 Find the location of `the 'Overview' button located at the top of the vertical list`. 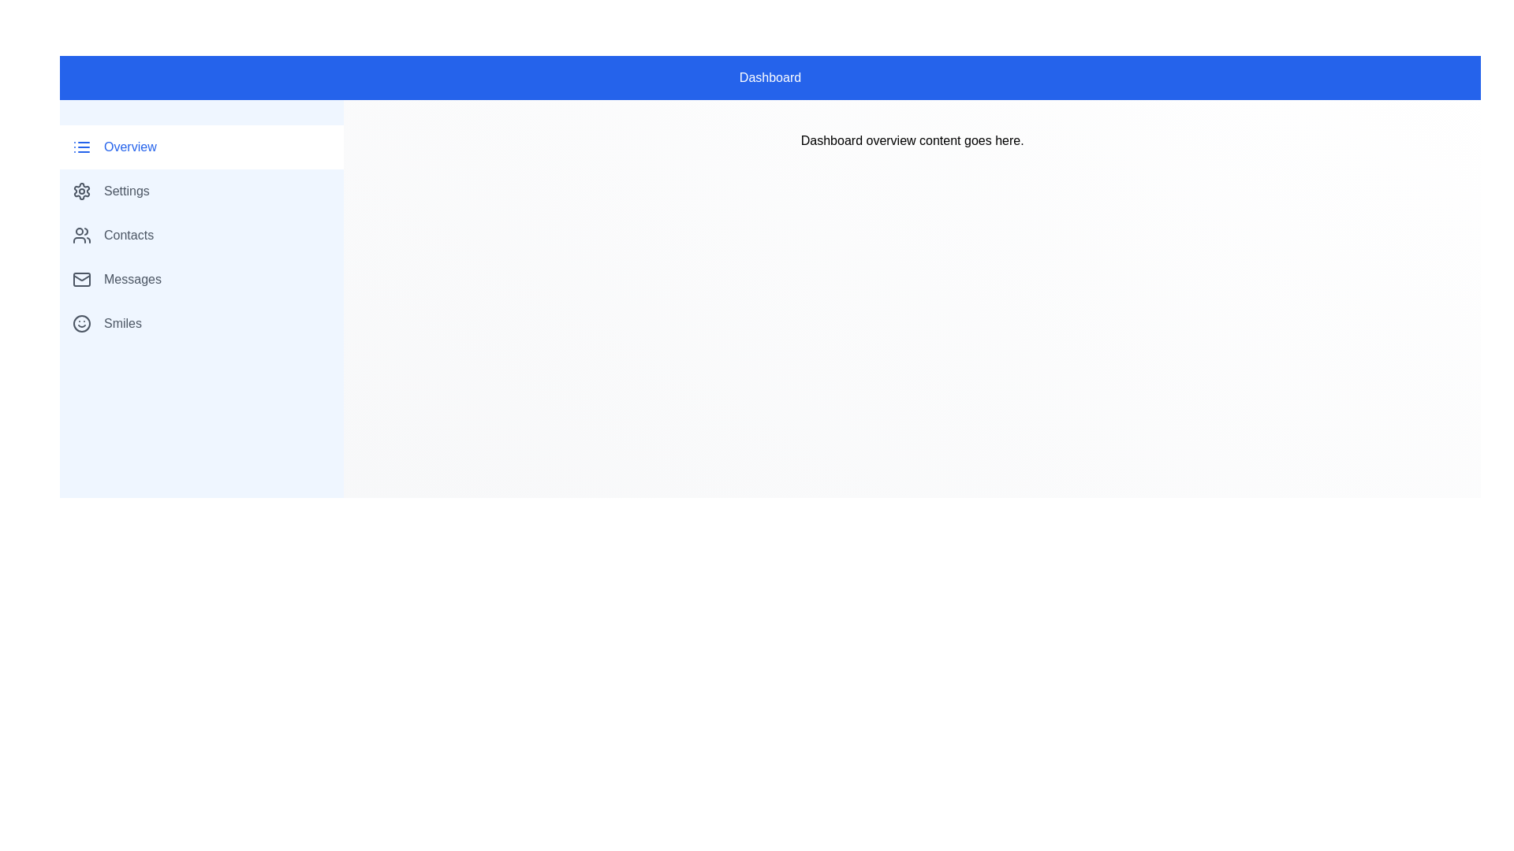

the 'Overview' button located at the top of the vertical list is located at coordinates (201, 147).